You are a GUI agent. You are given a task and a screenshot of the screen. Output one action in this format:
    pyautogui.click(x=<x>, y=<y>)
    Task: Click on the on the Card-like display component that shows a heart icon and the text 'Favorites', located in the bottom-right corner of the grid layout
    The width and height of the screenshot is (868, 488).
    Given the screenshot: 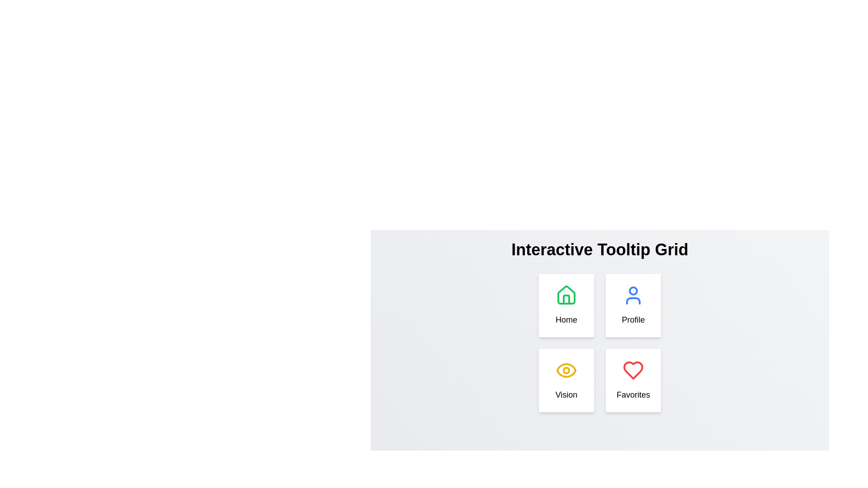 What is the action you would take?
    pyautogui.click(x=633, y=380)
    